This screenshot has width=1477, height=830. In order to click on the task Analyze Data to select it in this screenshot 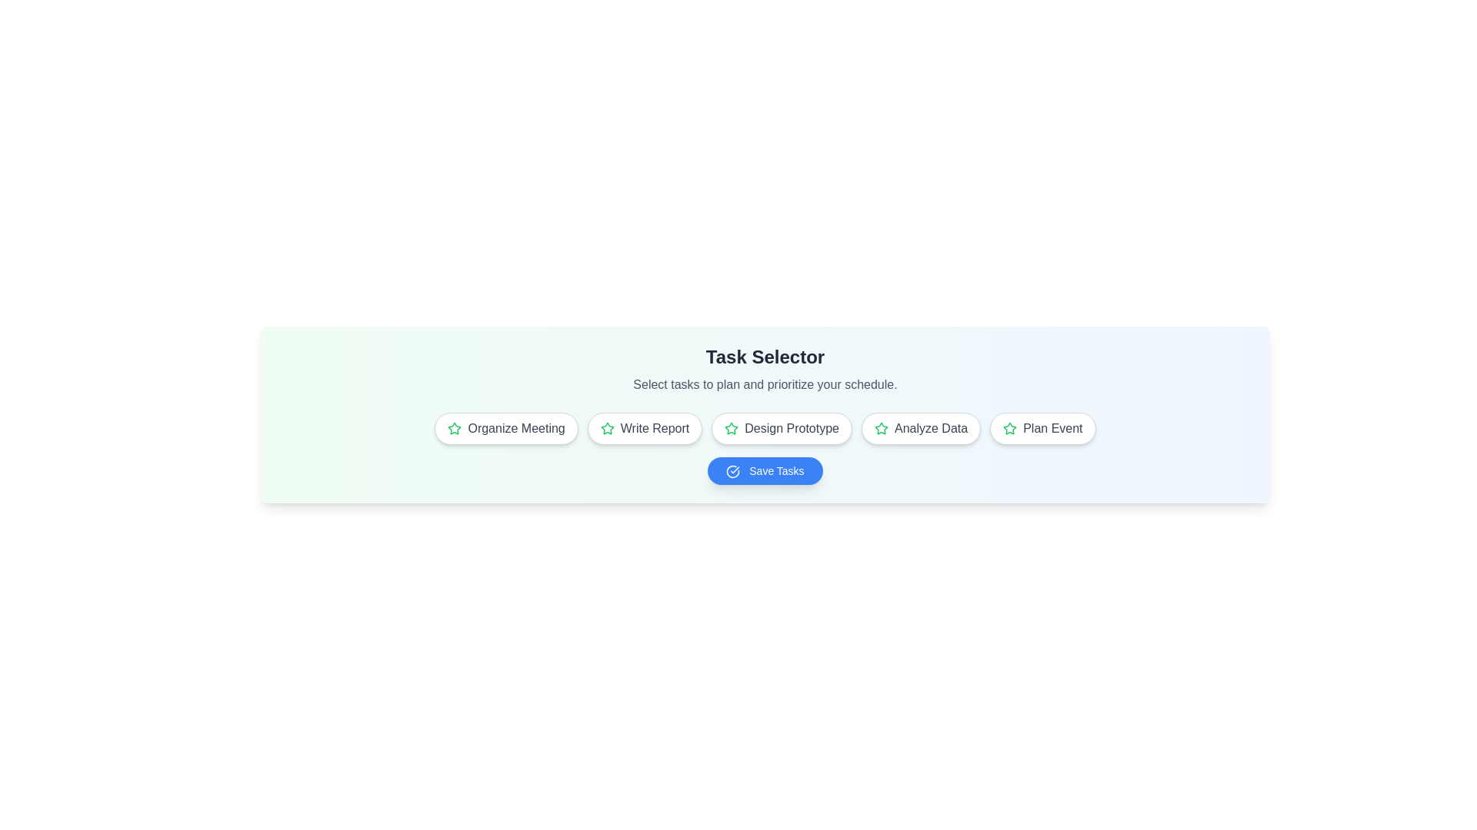, I will do `click(921, 429)`.